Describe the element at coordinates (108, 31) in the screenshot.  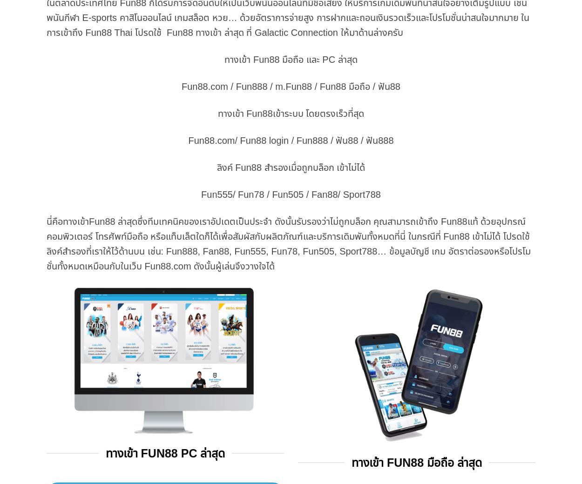
I see `'Fun88 Thai'` at that location.